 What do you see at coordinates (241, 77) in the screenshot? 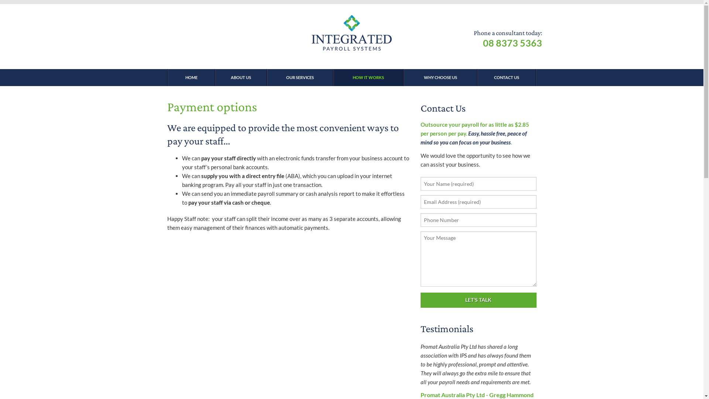
I see `'ABOUT US'` at bounding box center [241, 77].